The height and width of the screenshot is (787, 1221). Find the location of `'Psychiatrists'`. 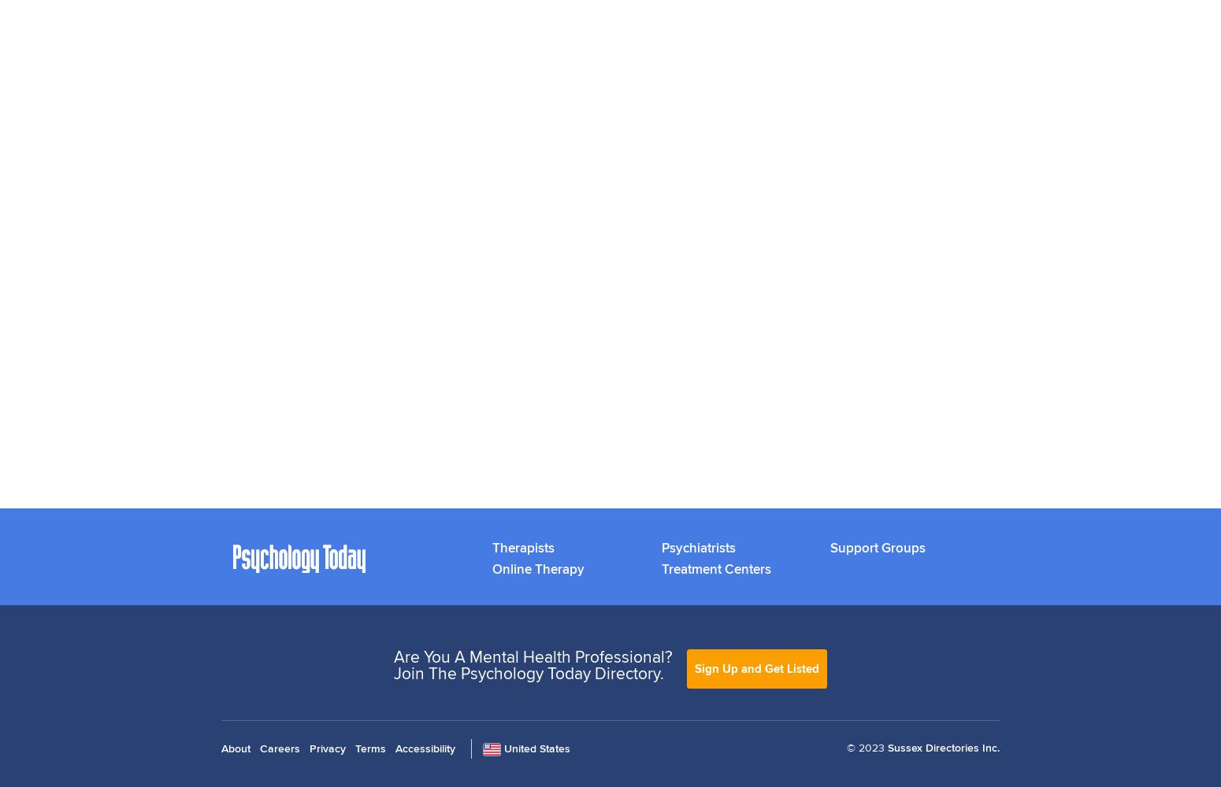

'Psychiatrists' is located at coordinates (697, 546).